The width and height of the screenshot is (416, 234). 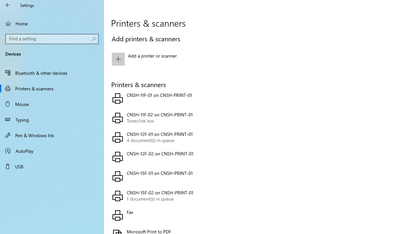 What do you see at coordinates (52, 72) in the screenshot?
I see `'Bluetooth & other devices'` at bounding box center [52, 72].